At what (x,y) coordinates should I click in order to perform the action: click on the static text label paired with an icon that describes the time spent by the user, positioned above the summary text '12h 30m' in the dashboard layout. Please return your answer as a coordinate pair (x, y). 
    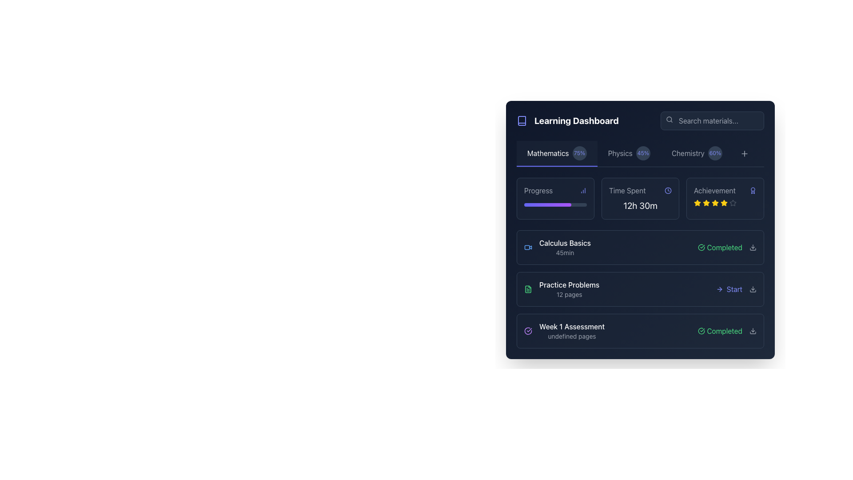
    Looking at the image, I should click on (640, 190).